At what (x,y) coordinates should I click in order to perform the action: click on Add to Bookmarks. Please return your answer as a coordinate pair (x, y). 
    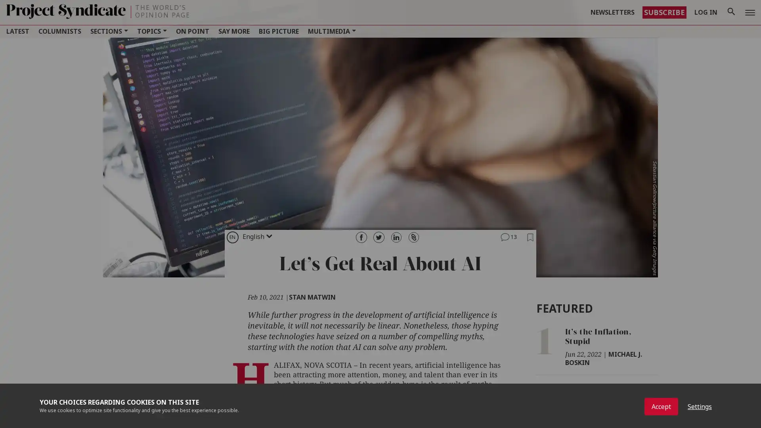
    Looking at the image, I should click on (530, 238).